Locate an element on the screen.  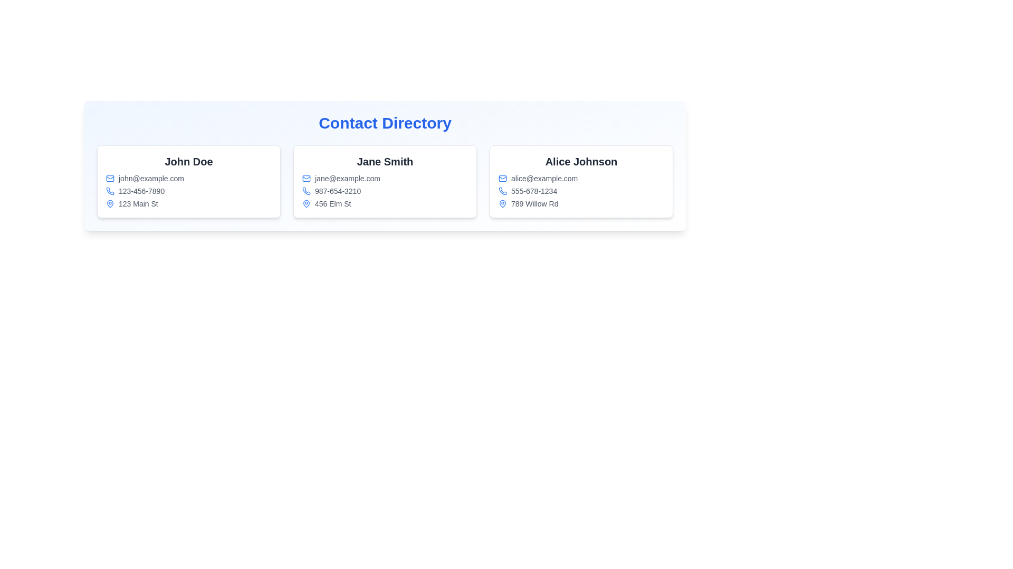
the blue envelope icon representing an email indicator, which is located immediately before the email address 'jane@example.com' in the second contact card of the 'Contact Directory' section is located at coordinates (305, 178).